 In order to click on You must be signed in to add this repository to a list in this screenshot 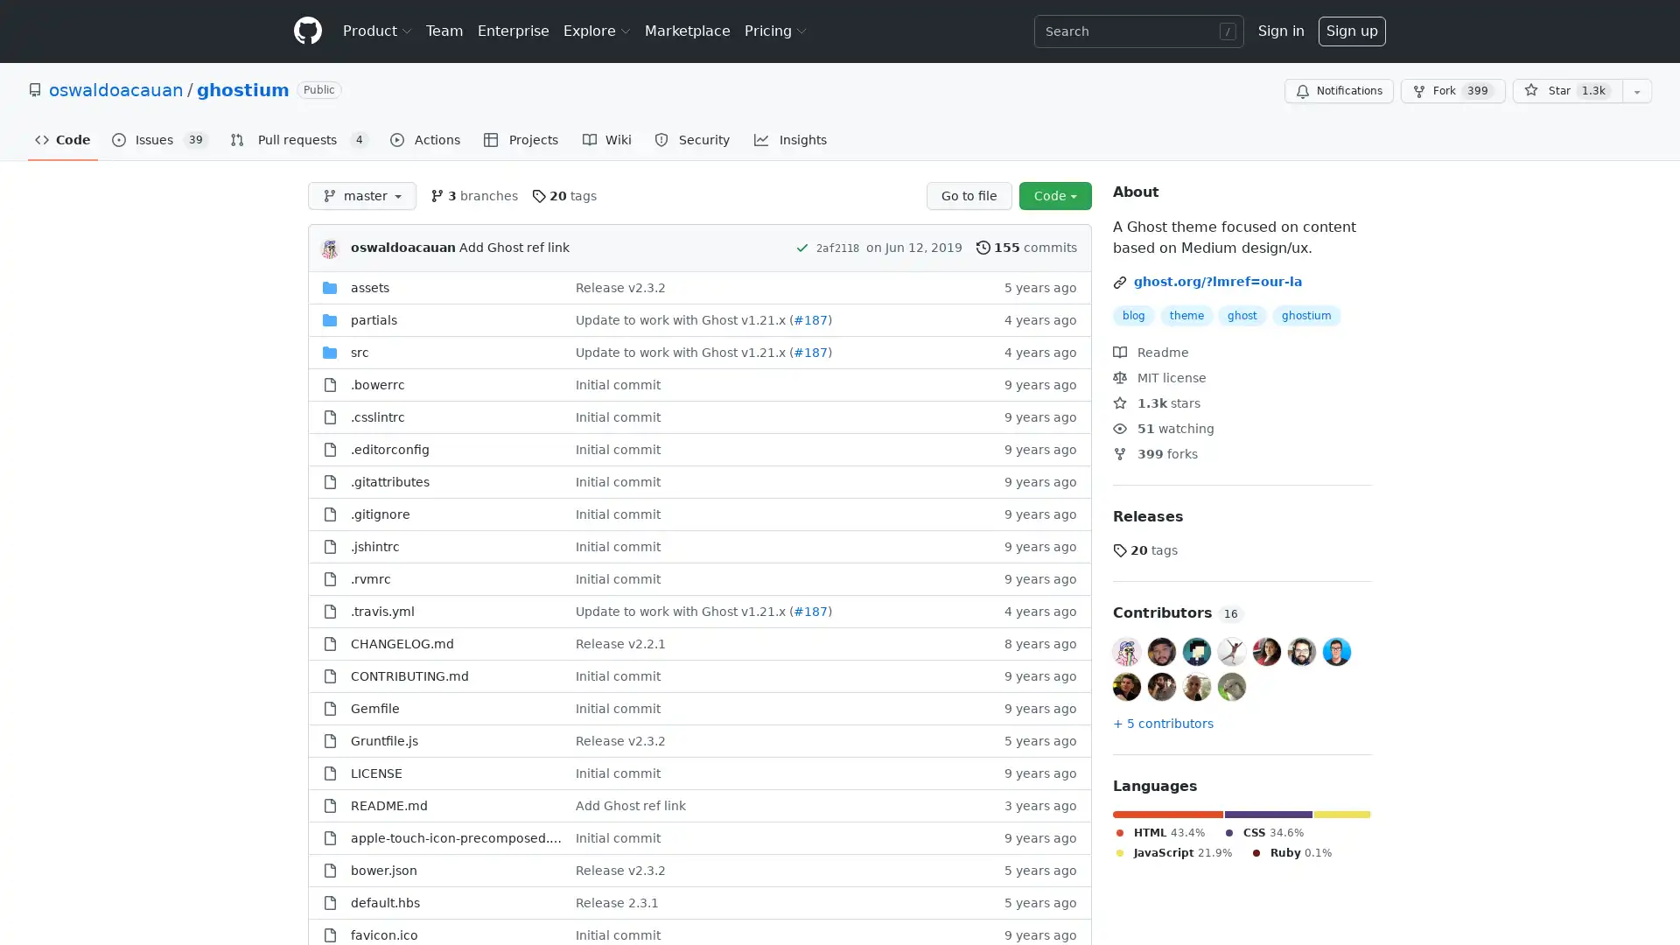, I will do `click(1636, 91)`.